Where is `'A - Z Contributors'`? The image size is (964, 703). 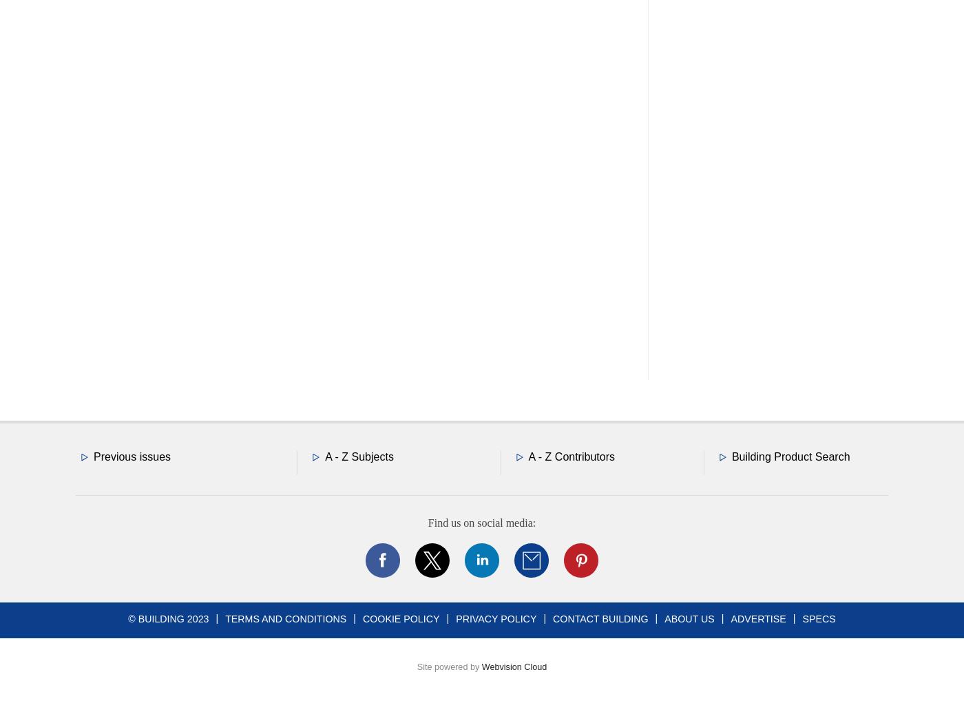
'A - Z Contributors' is located at coordinates (571, 455).